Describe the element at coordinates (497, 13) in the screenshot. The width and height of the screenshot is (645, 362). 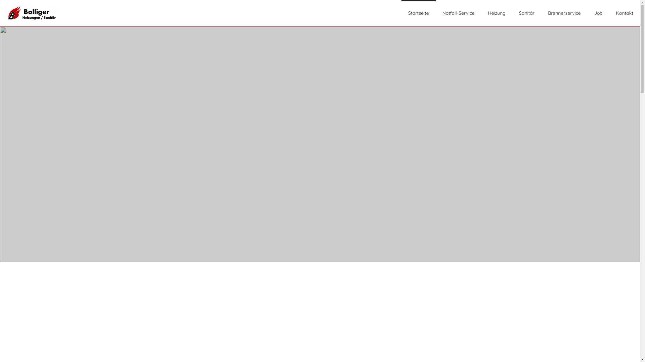
I see `'Heizung'` at that location.